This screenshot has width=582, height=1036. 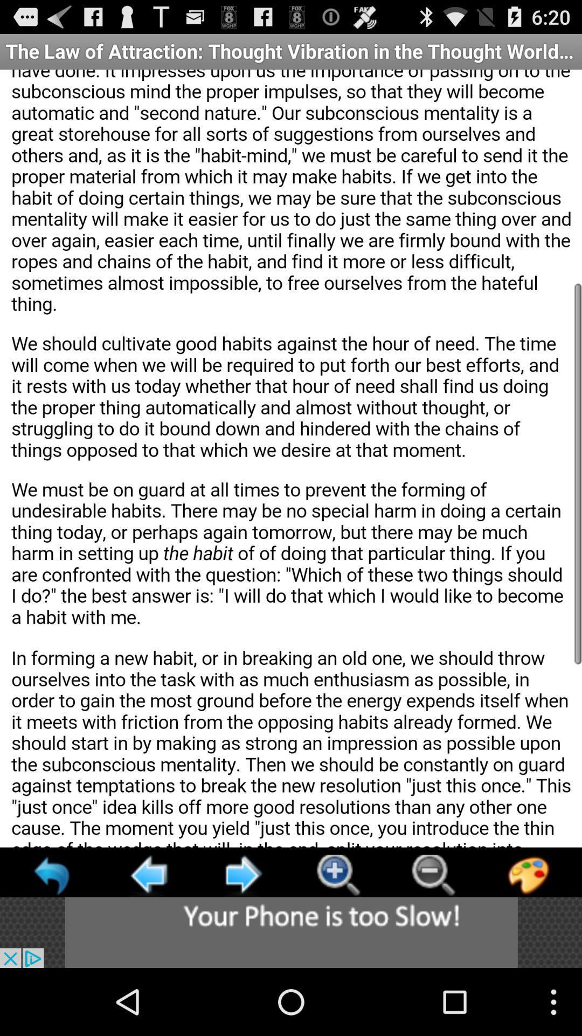 What do you see at coordinates (528, 875) in the screenshot?
I see `choose colour` at bounding box center [528, 875].